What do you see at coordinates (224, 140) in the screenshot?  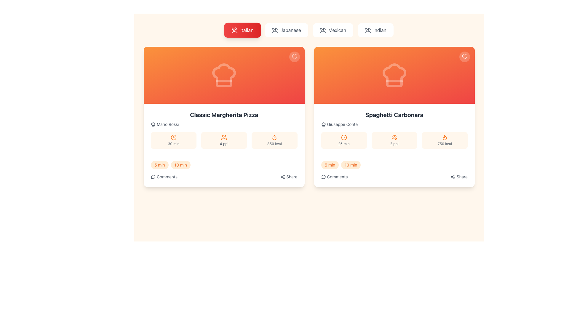 I see `the static informational badge indicating that the recipe serves 4 people, located beneath the title 'Classic Margherita Pizza'` at bounding box center [224, 140].